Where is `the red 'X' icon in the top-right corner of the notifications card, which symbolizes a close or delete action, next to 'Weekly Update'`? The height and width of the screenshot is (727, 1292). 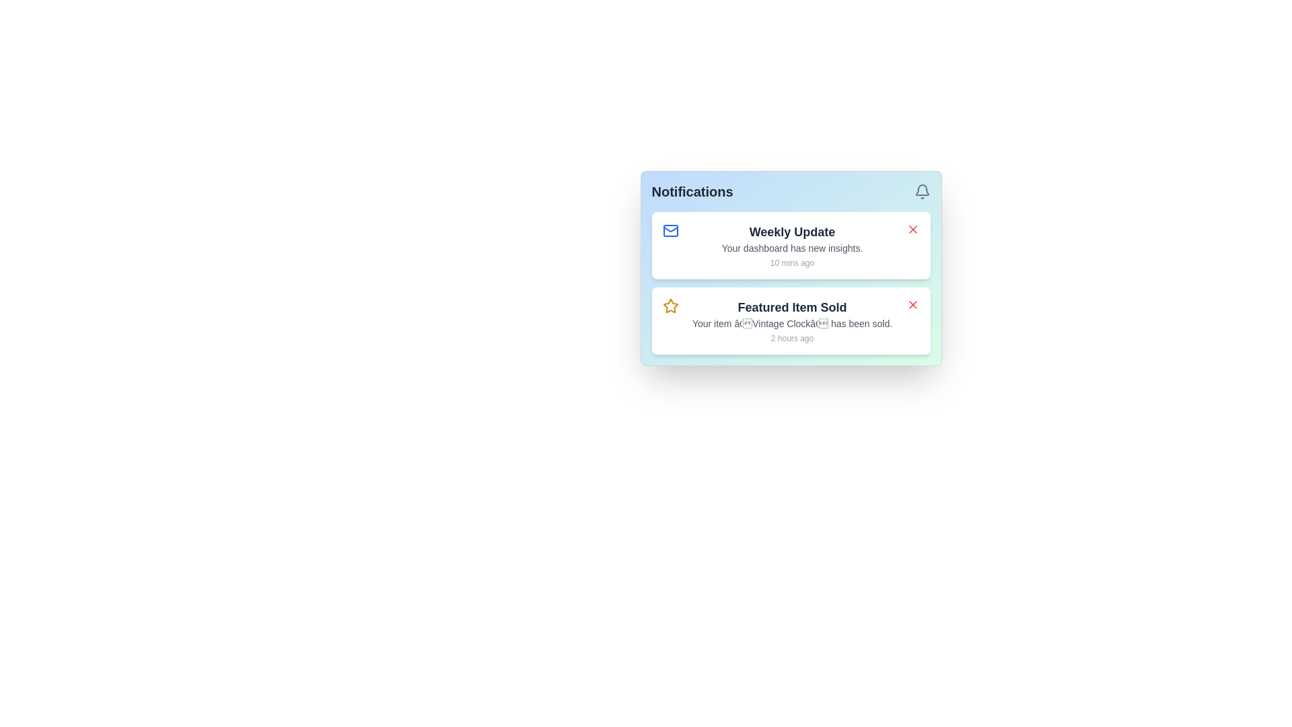
the red 'X' icon in the top-right corner of the notifications card, which symbolizes a close or delete action, next to 'Weekly Update' is located at coordinates (912, 228).